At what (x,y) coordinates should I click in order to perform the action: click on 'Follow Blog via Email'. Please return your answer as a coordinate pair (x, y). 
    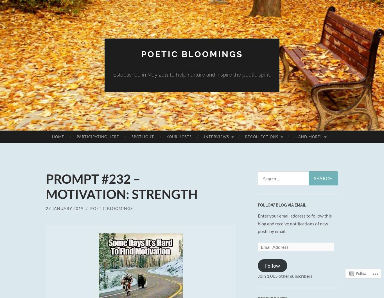
    Looking at the image, I should click on (257, 205).